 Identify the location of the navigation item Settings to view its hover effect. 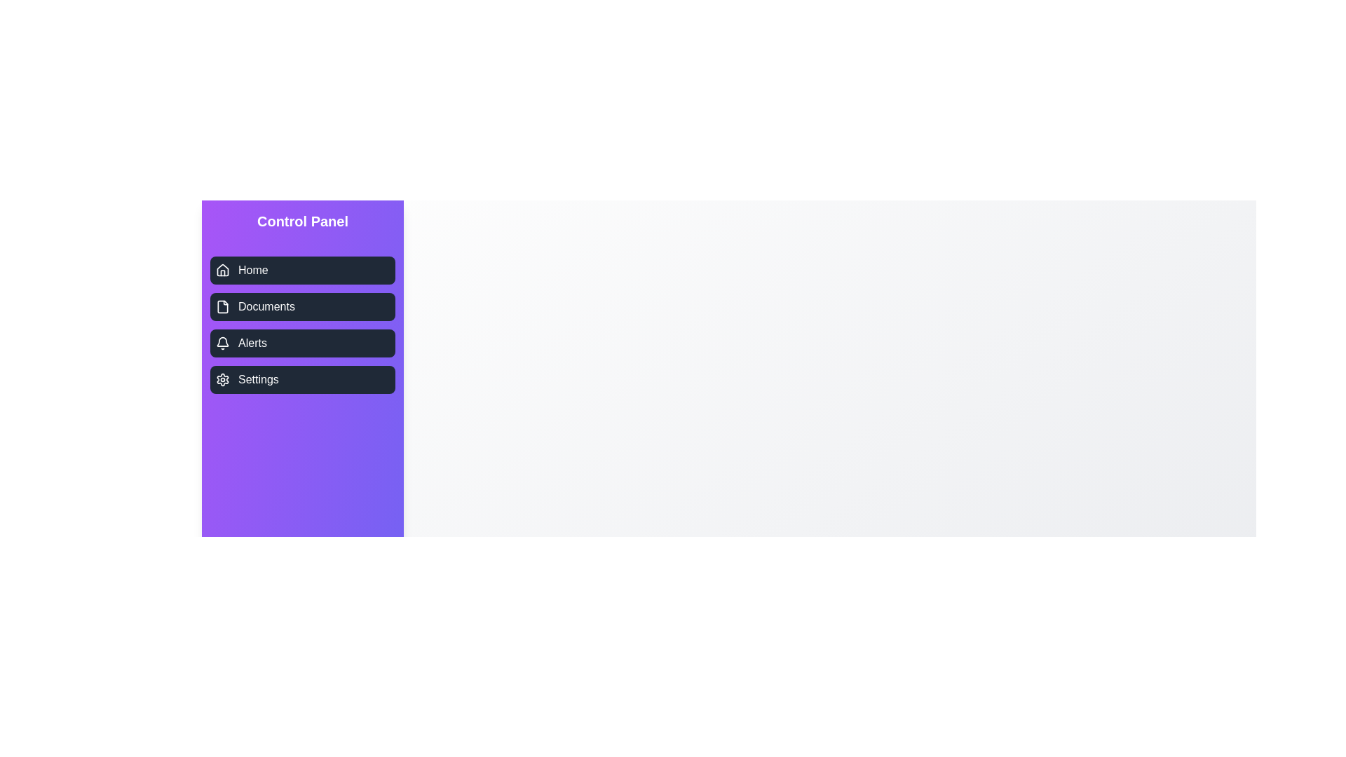
(302, 380).